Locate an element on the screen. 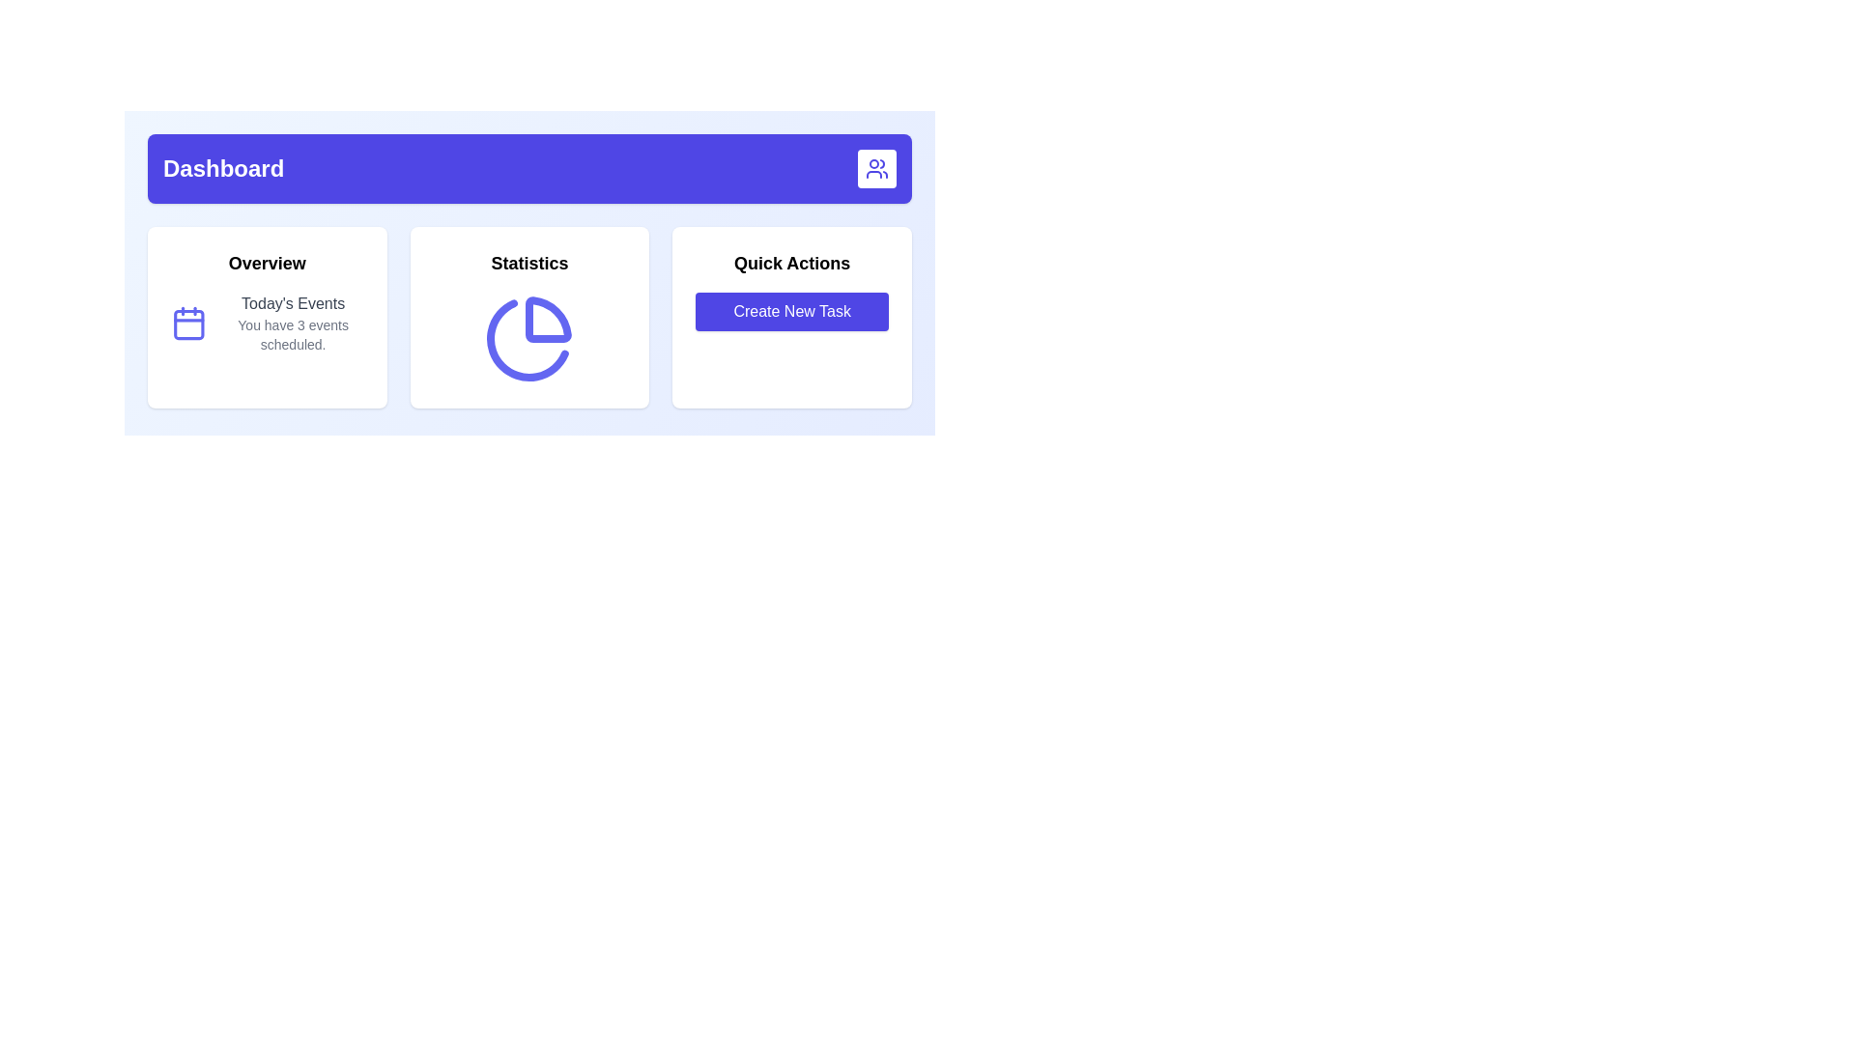 This screenshot has height=1043, width=1855. text content of the Informational Widget that displays the number of scheduled events for the day, located in the first card under the 'Dashboard' heading in the 'Overview' section is located at coordinates (266, 323).